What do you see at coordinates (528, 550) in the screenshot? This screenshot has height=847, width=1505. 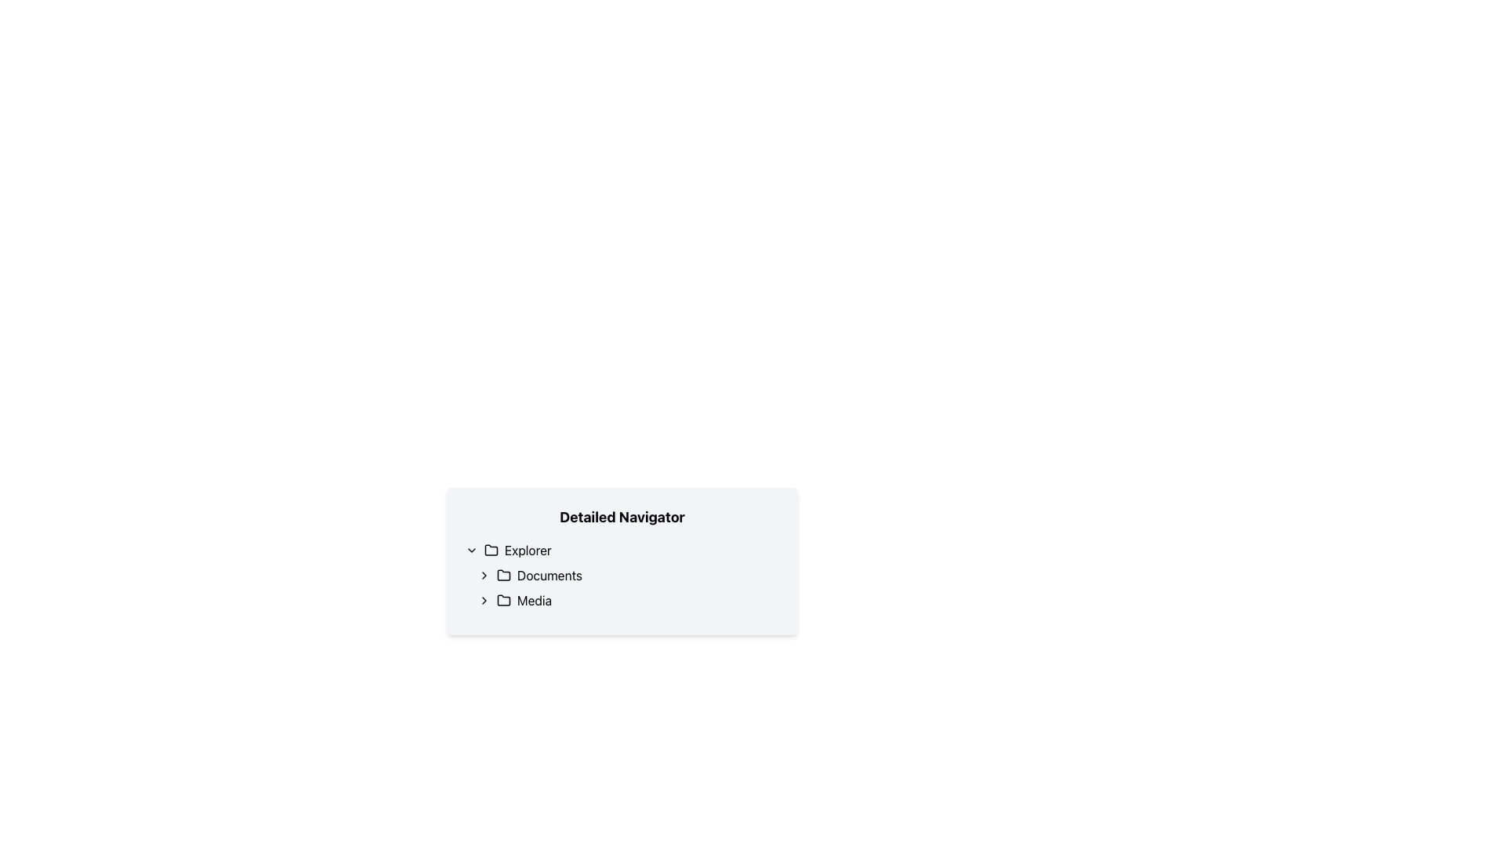 I see `the 'Explorer' text in the hierarchical navigation panel` at bounding box center [528, 550].